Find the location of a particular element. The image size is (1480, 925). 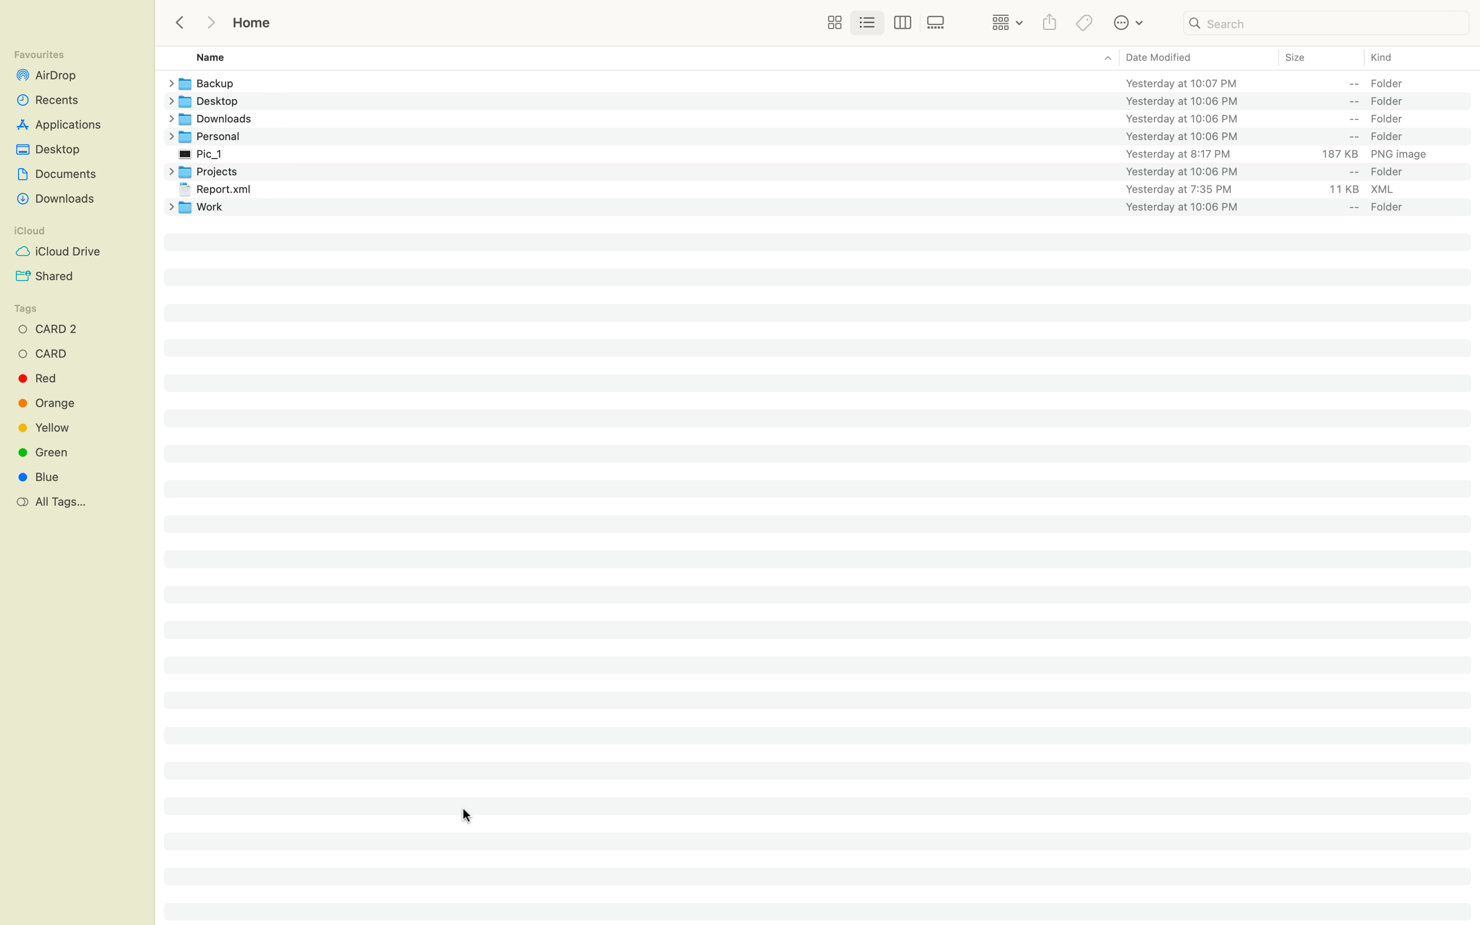

Sort the files by reverse order of date is located at coordinates (1197, 58).